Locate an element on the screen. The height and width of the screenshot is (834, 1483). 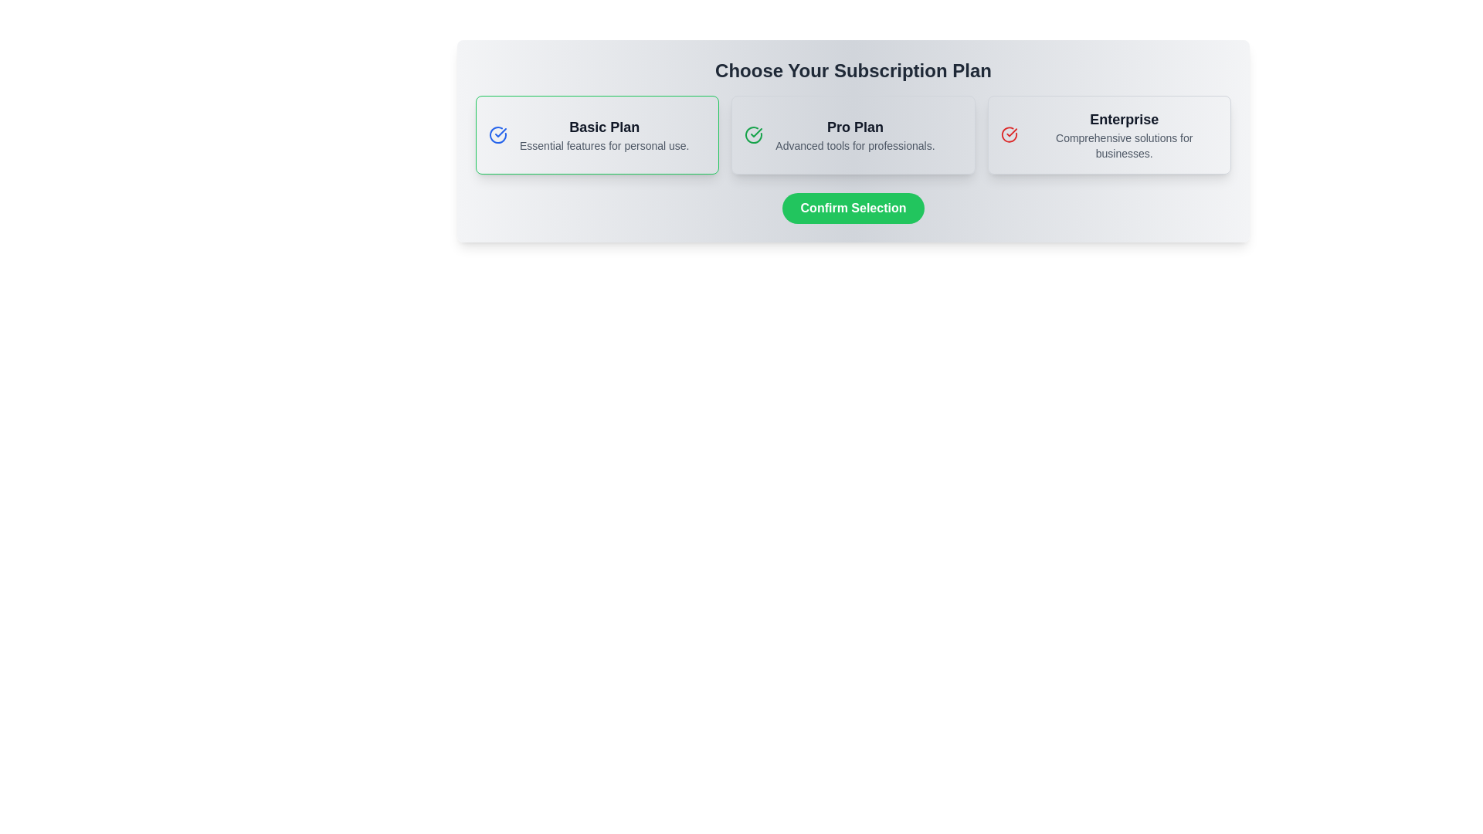
the green 'Confirm Selection' button with rounded corners, which is located below the subscription options is located at coordinates (852, 208).